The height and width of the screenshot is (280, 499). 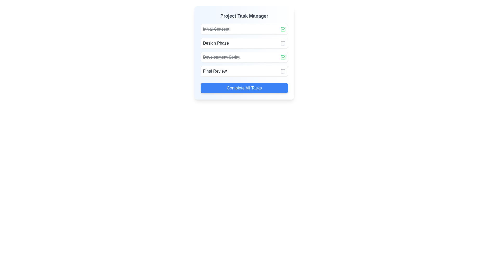 What do you see at coordinates (244, 43) in the screenshot?
I see `the checkbox next to the 'Design Phase' item in the task list to mark the task as done` at bounding box center [244, 43].